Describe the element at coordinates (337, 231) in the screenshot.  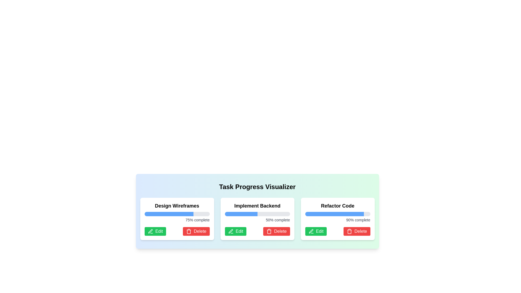
I see `the 'Edit' button located in the bottom-right section of the 'Refactor Code' task box` at that location.